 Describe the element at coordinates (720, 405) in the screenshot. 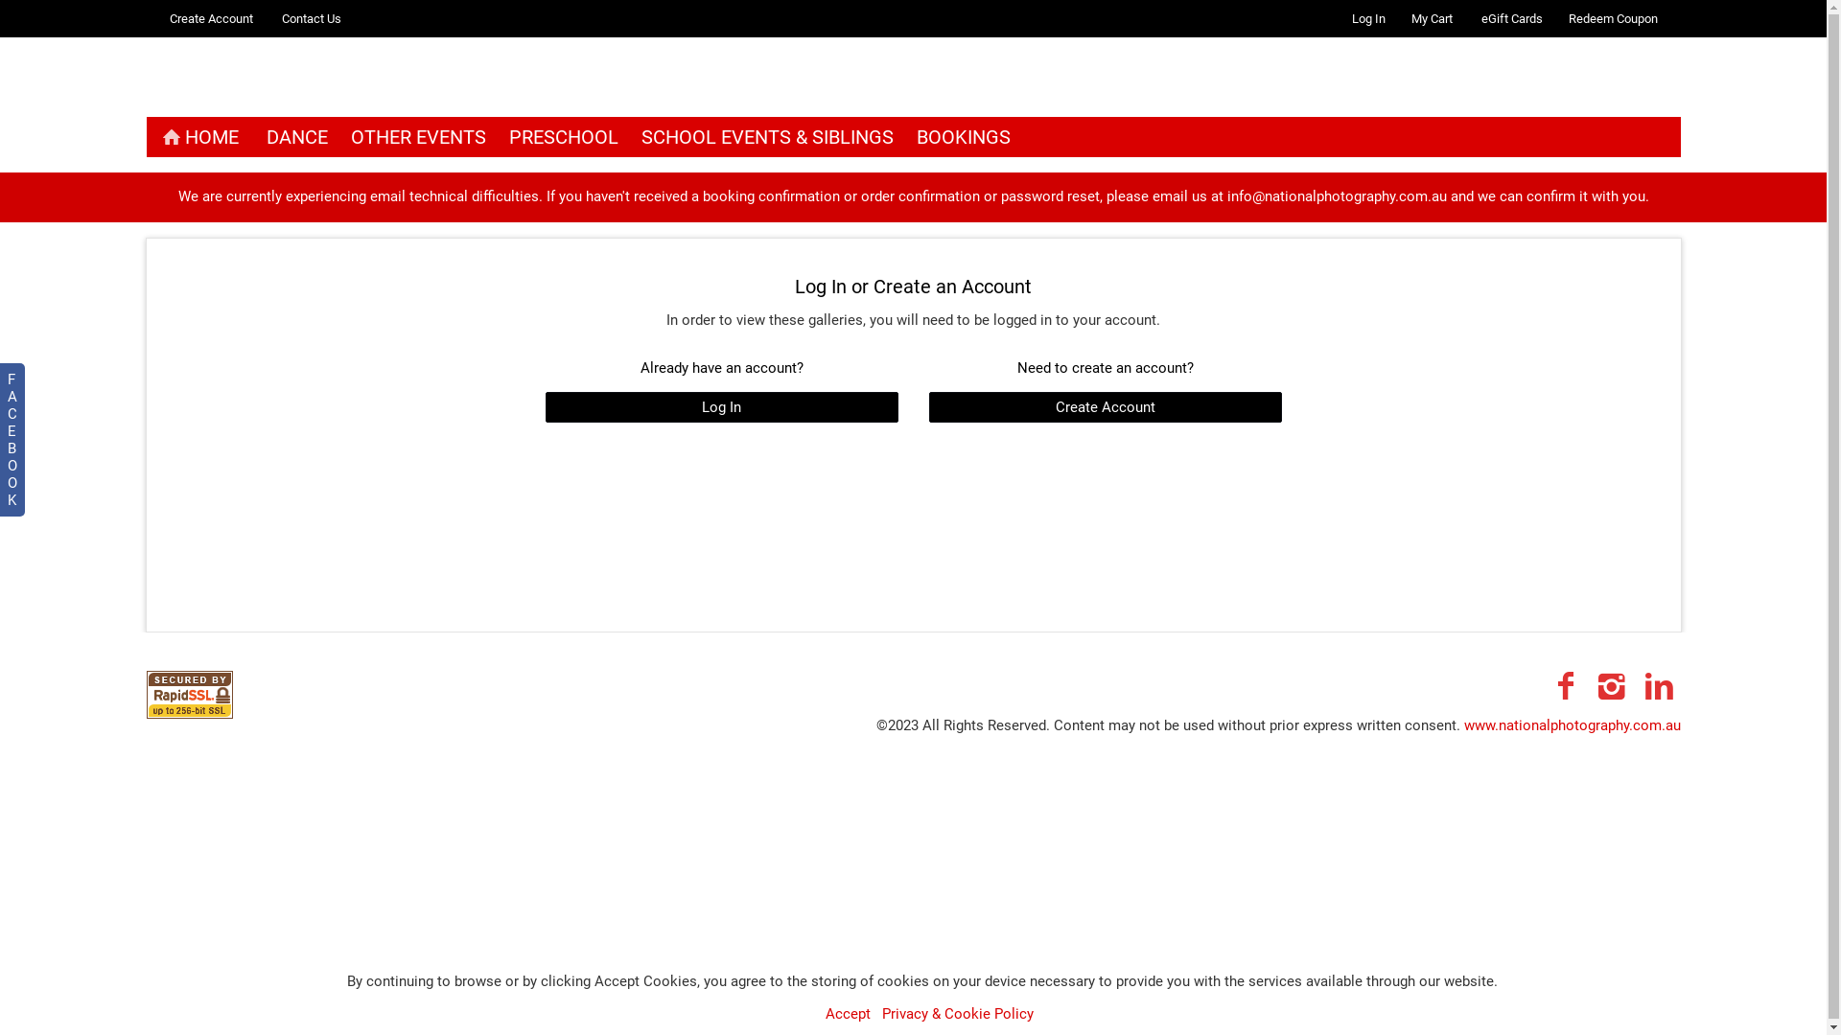

I see `'Log In'` at that location.